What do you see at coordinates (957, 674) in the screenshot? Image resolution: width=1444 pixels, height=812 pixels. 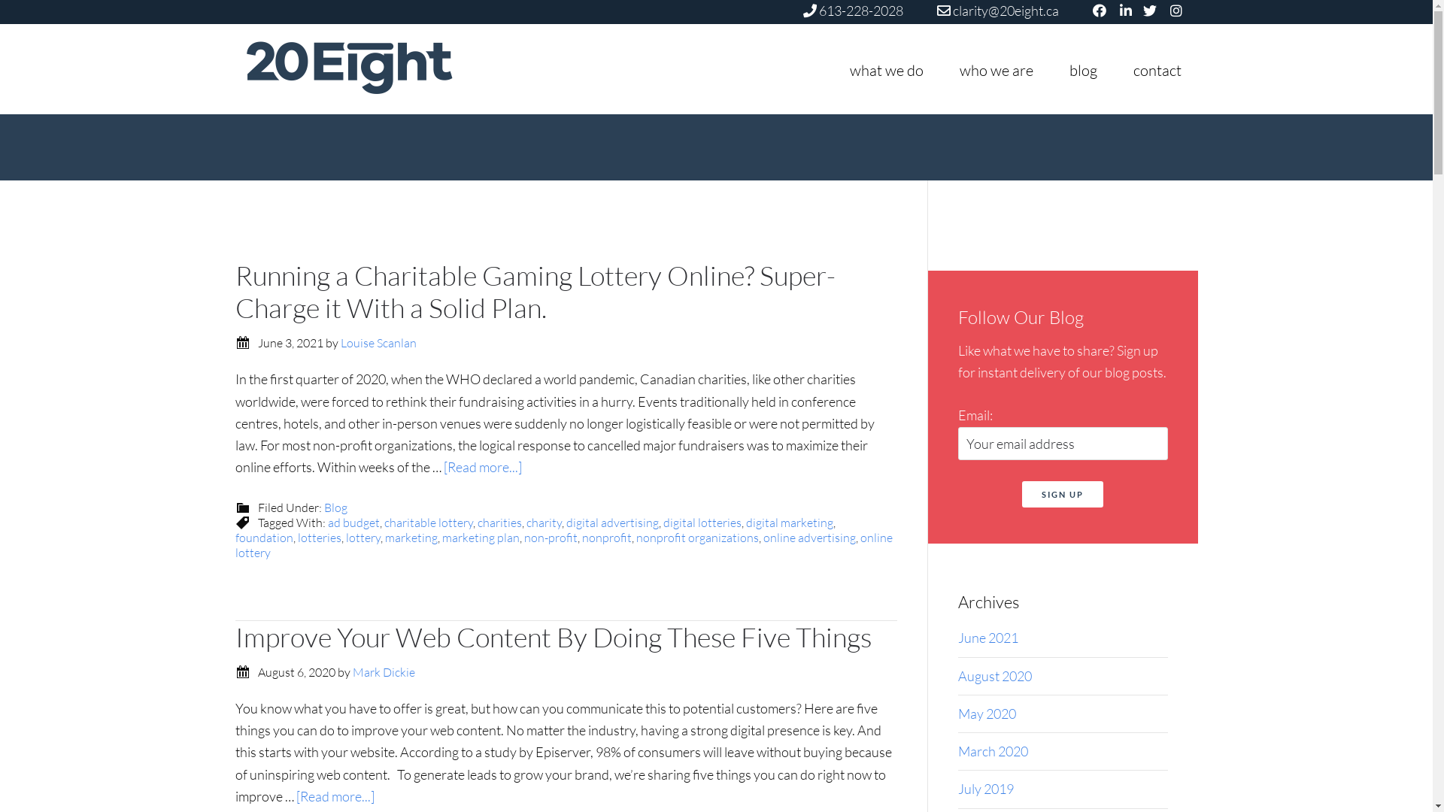 I see `'August 2020'` at bounding box center [957, 674].